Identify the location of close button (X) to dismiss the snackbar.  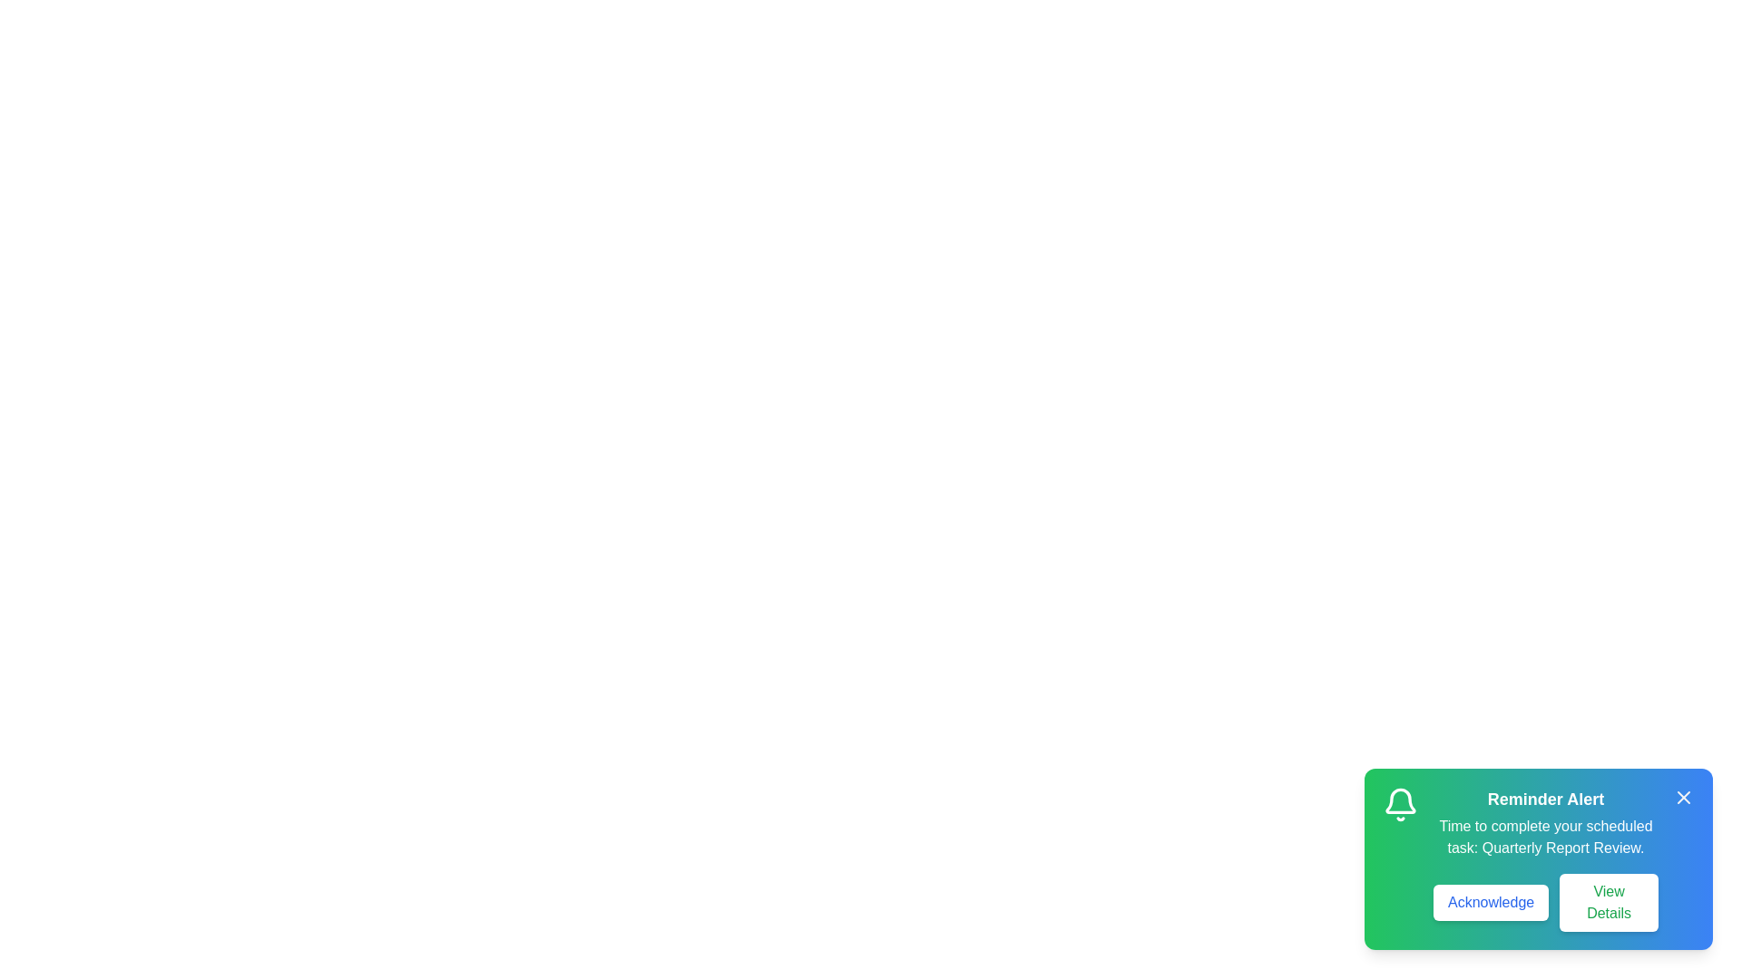
(1683, 796).